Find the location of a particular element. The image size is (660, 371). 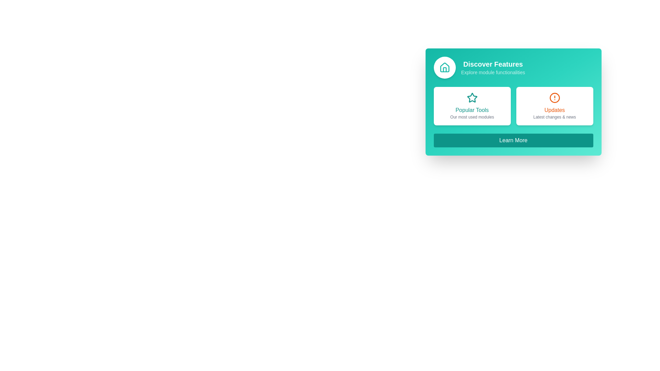

the star icon located within the 'Popular Tools' card, which is positioned to the left of the 'Updates' card, to attract attention to the section is located at coordinates (472, 98).